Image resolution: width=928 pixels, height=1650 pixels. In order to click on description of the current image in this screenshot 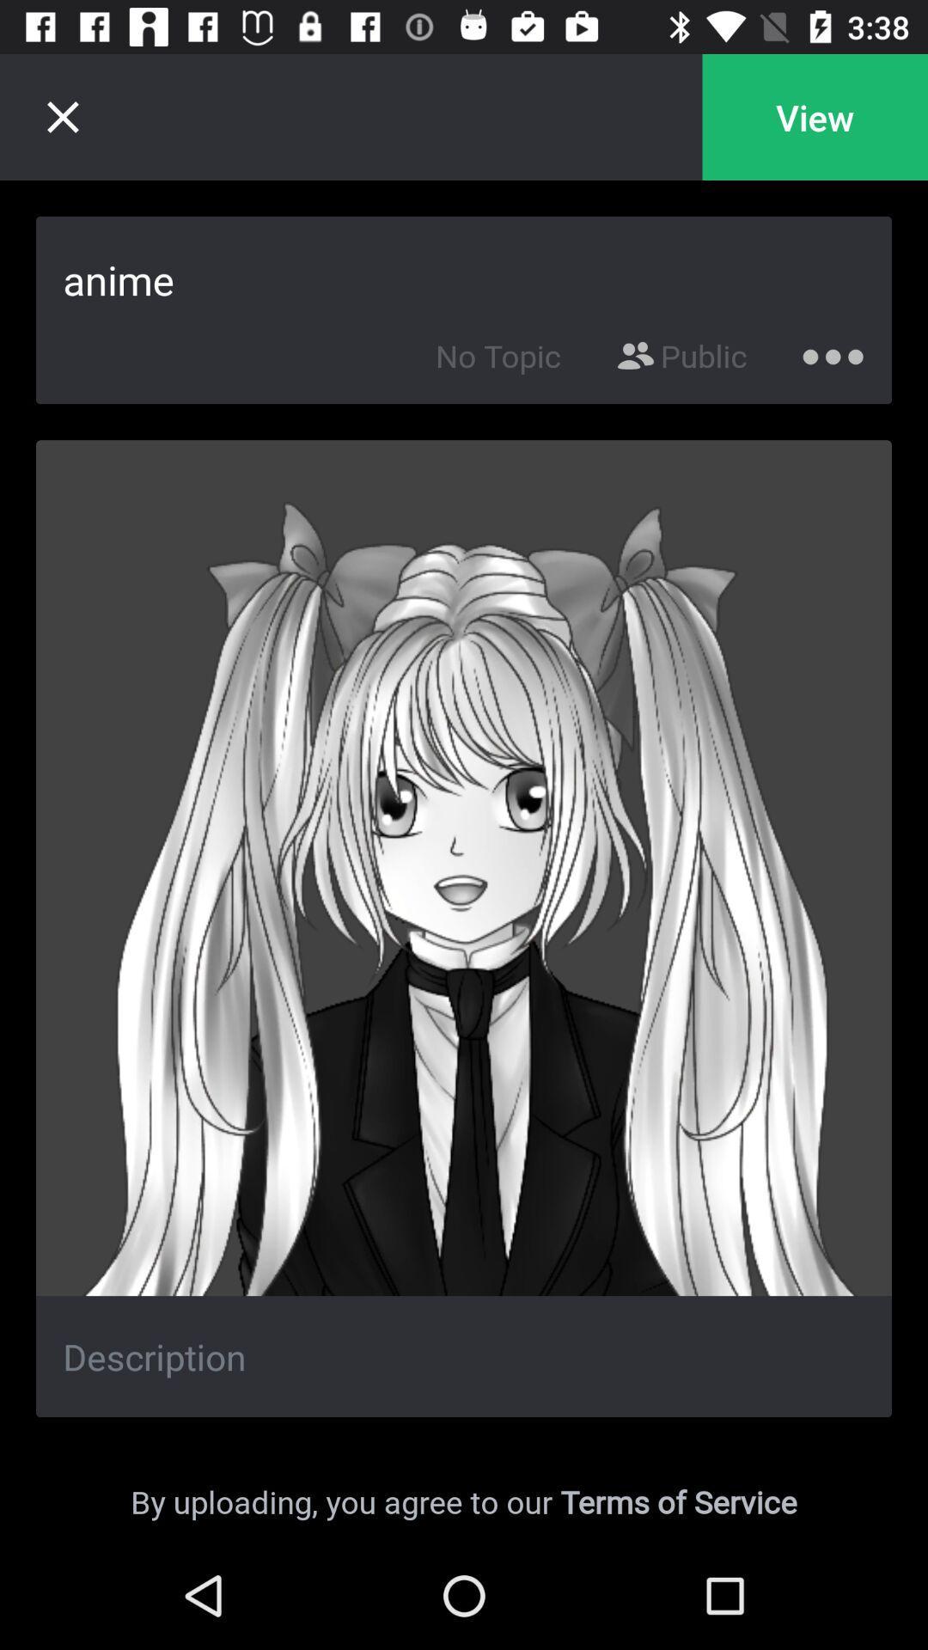, I will do `click(464, 1355)`.